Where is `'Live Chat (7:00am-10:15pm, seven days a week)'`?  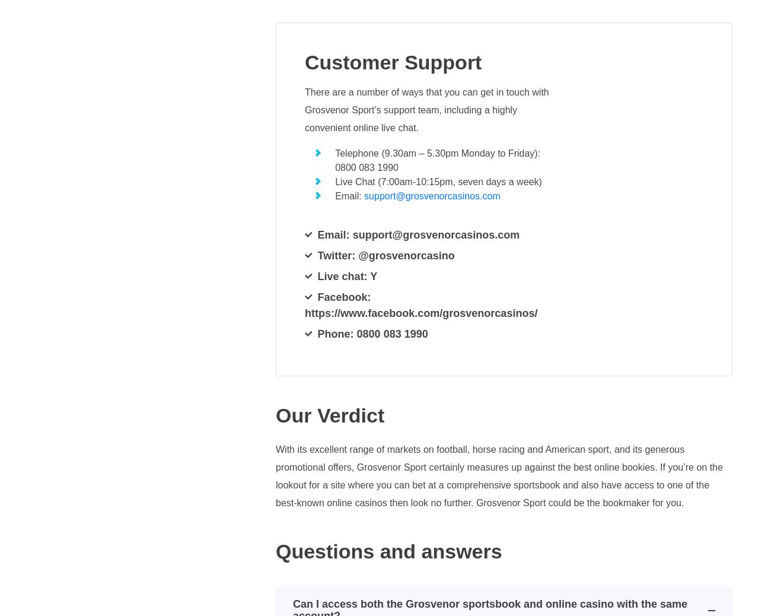
'Live Chat (7:00am-10:15pm, seven days a week)' is located at coordinates (438, 181).